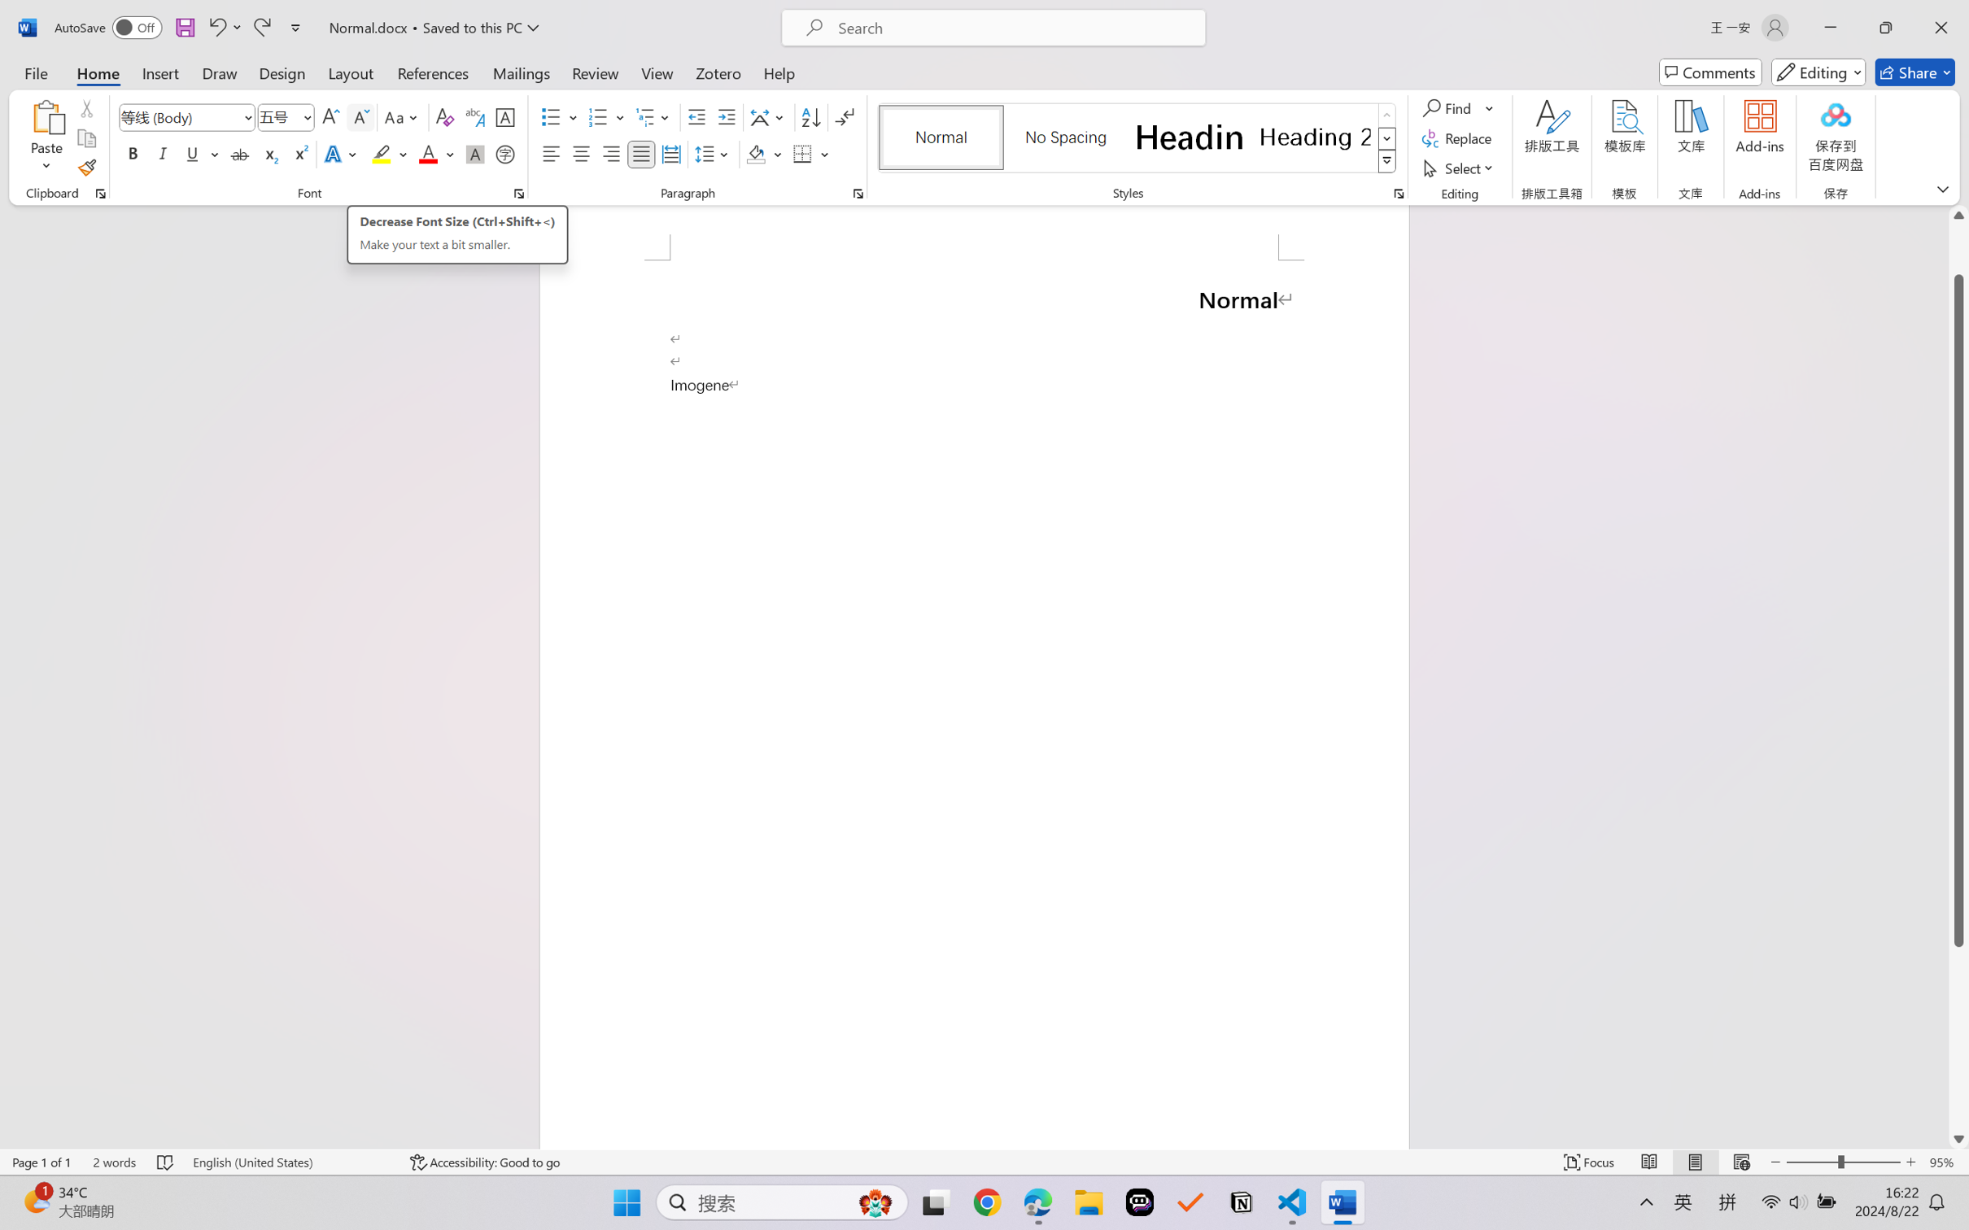 This screenshot has height=1230, width=1969. Describe the element at coordinates (1315, 137) in the screenshot. I see `'Heading 2'` at that location.